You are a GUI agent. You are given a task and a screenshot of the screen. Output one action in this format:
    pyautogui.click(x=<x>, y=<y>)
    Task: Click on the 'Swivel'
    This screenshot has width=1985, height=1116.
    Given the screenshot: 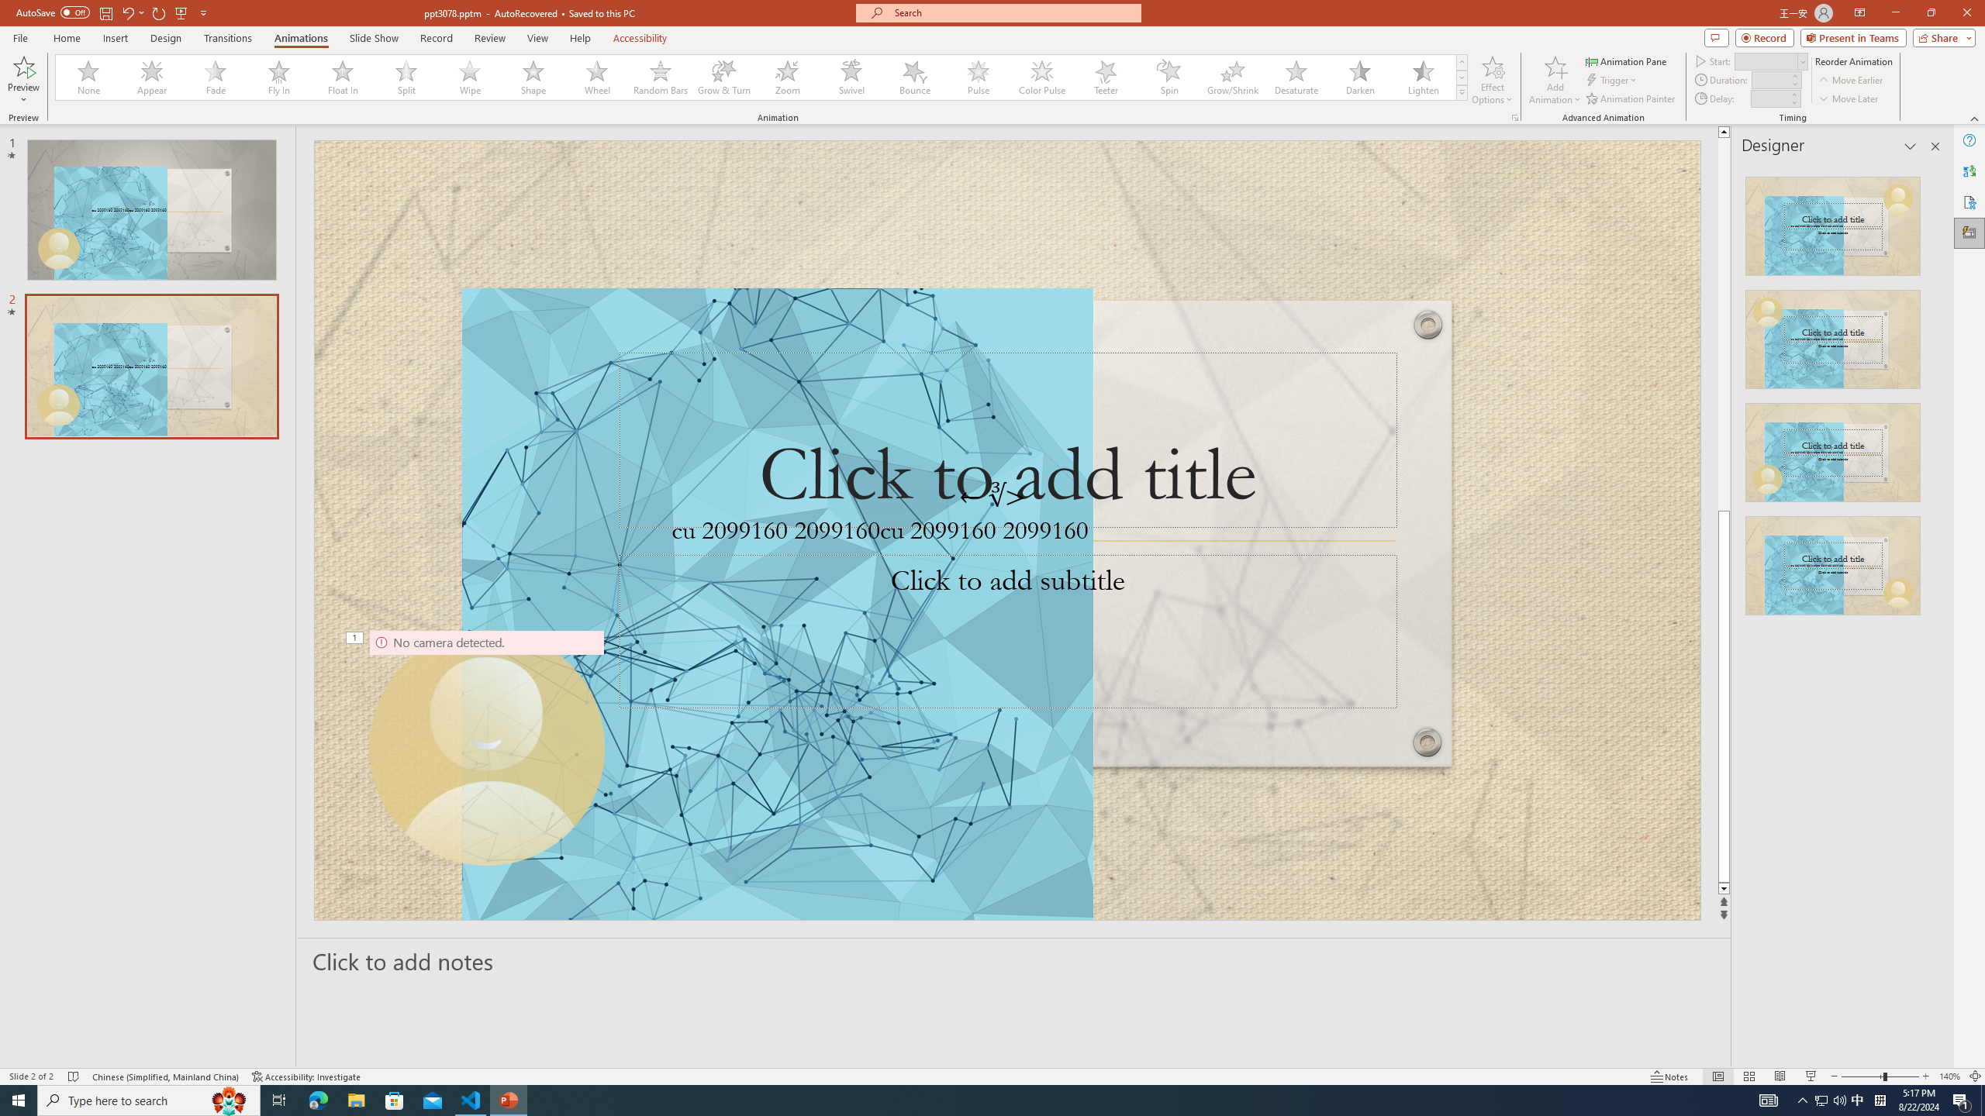 What is the action you would take?
    pyautogui.click(x=851, y=77)
    